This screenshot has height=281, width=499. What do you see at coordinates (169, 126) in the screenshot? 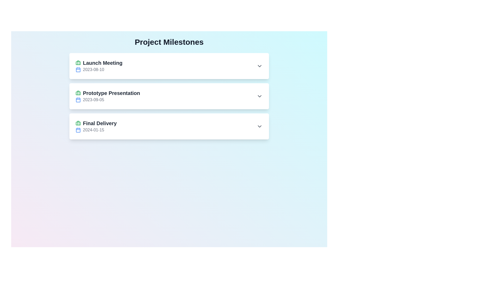
I see `the card-like component labeled 'Final Delivery' that contains a date and two icons, positioned as the third element in a vertical list` at bounding box center [169, 126].